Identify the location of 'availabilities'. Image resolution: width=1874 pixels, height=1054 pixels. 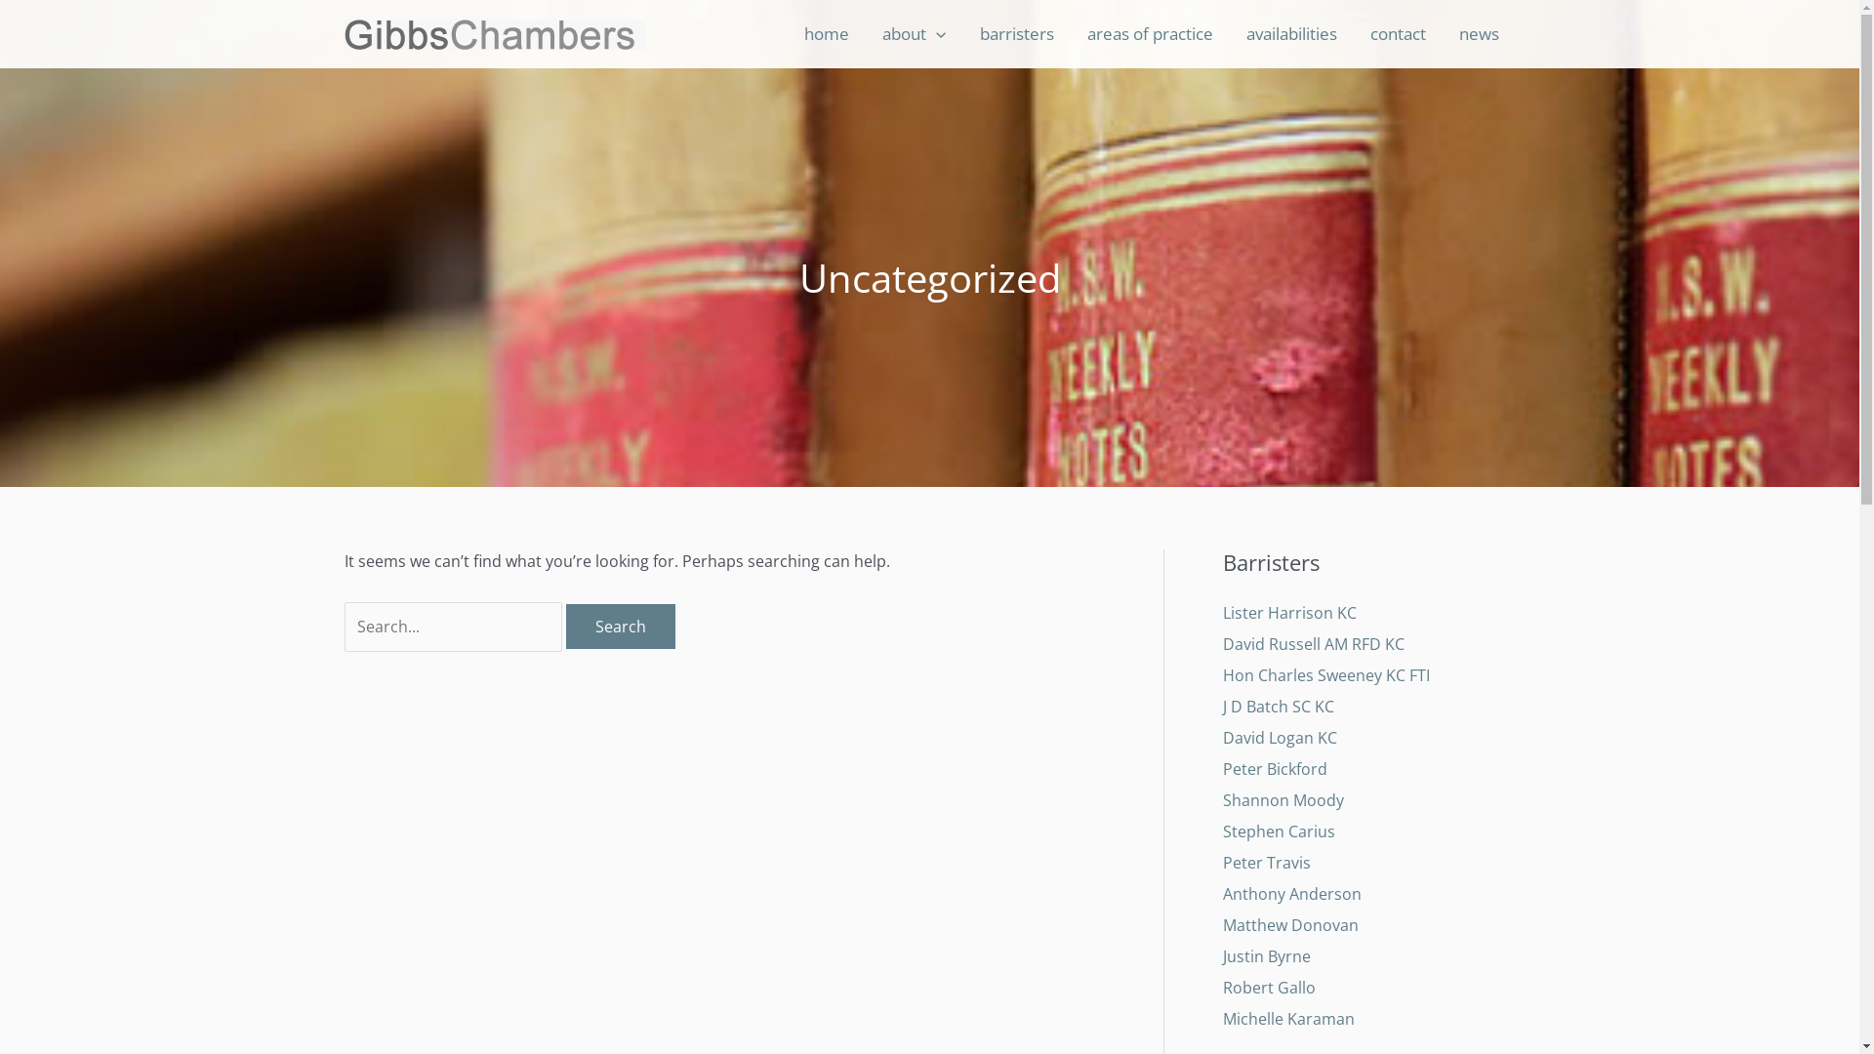
(1228, 33).